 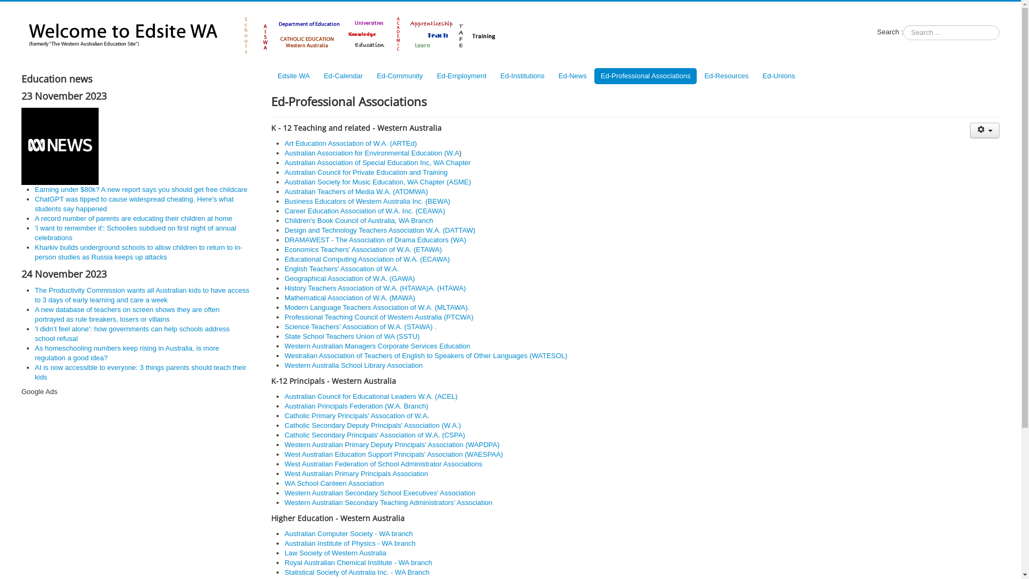 I want to click on 'Geographical Association of W.A. (GAWA)', so click(x=349, y=278).